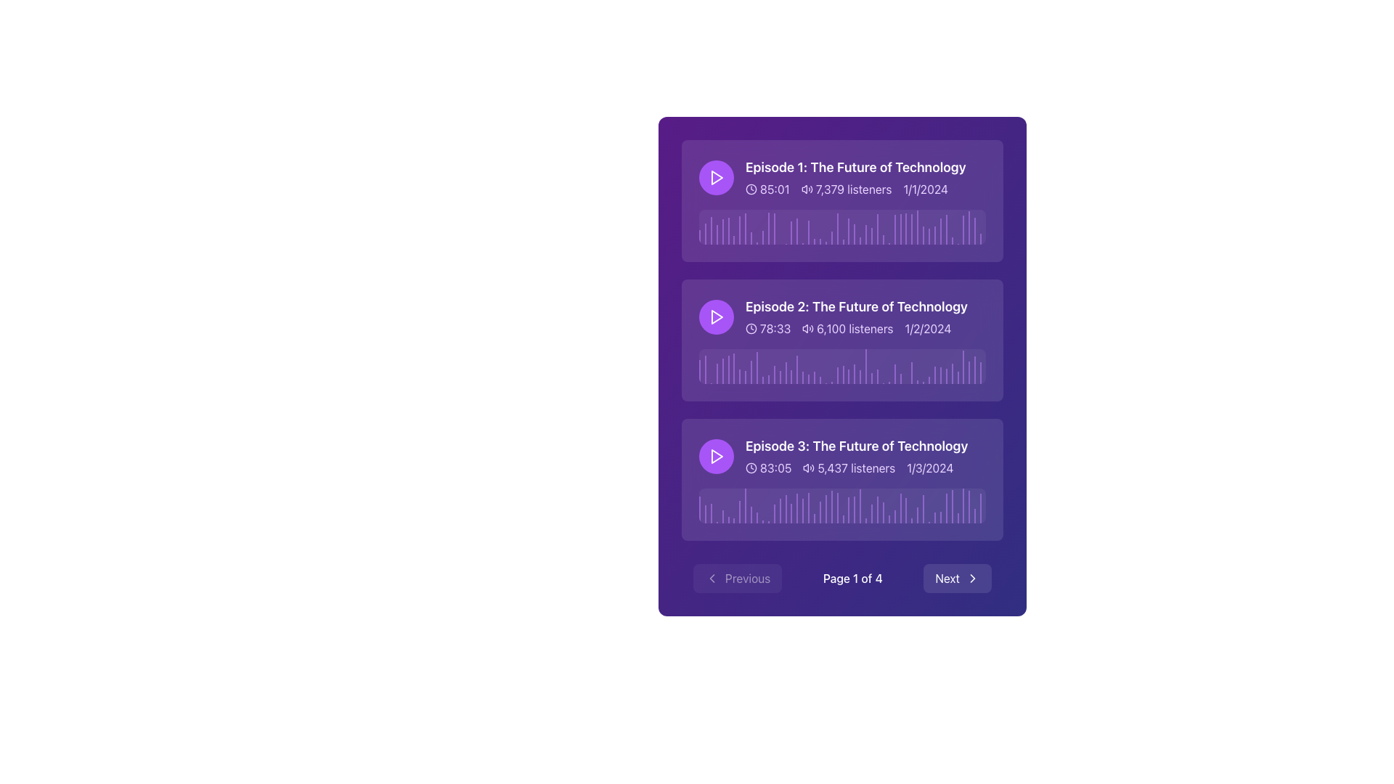 This screenshot has width=1394, height=784. Describe the element at coordinates (946, 375) in the screenshot. I see `the forty-fourth Progress Indicator Segment, a thin vertical bar with a transparent purple appearance, located in the bottom area of the waveform component` at that location.